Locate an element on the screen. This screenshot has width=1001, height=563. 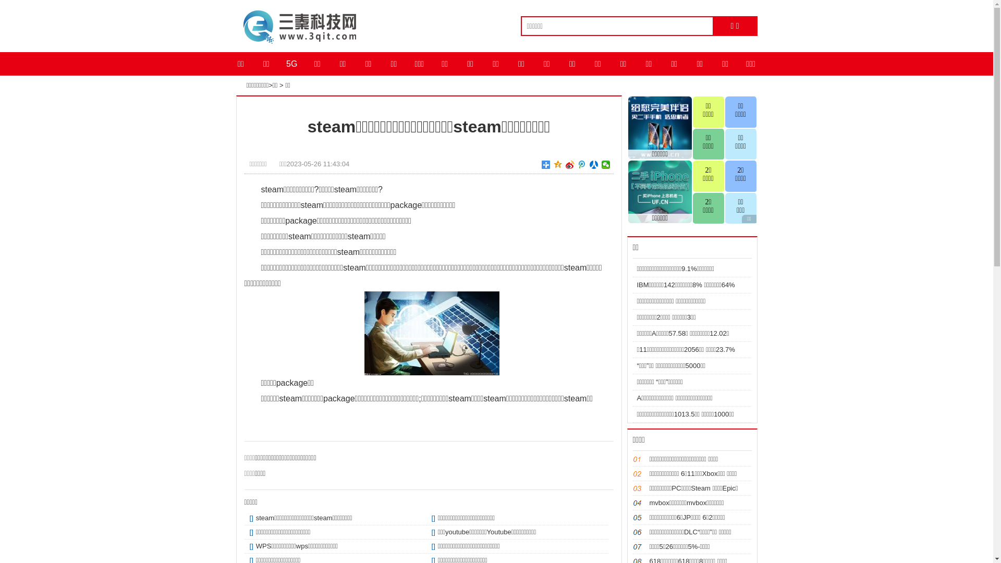
'5G' is located at coordinates (291, 64).